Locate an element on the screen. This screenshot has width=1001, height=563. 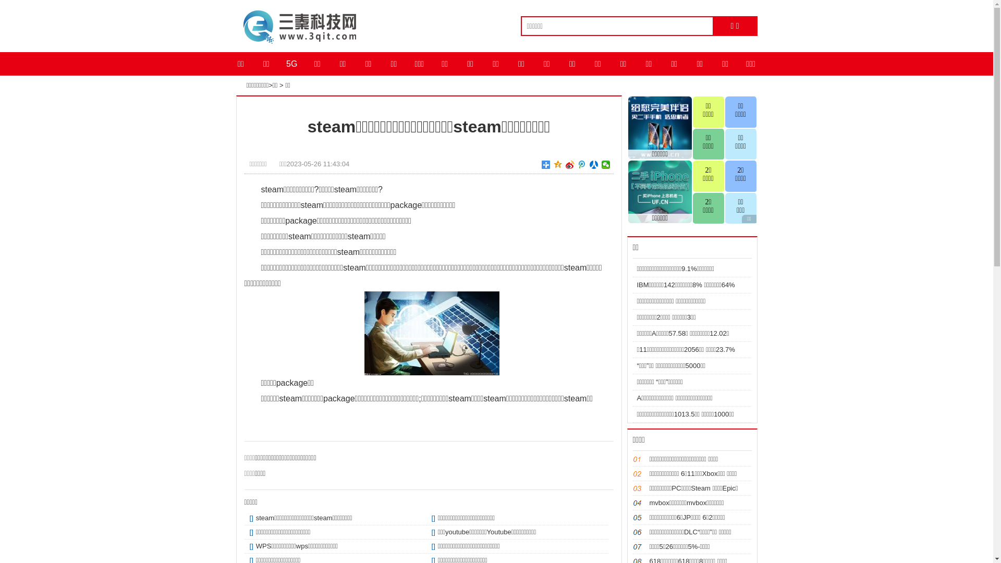
'5G' is located at coordinates (291, 64).